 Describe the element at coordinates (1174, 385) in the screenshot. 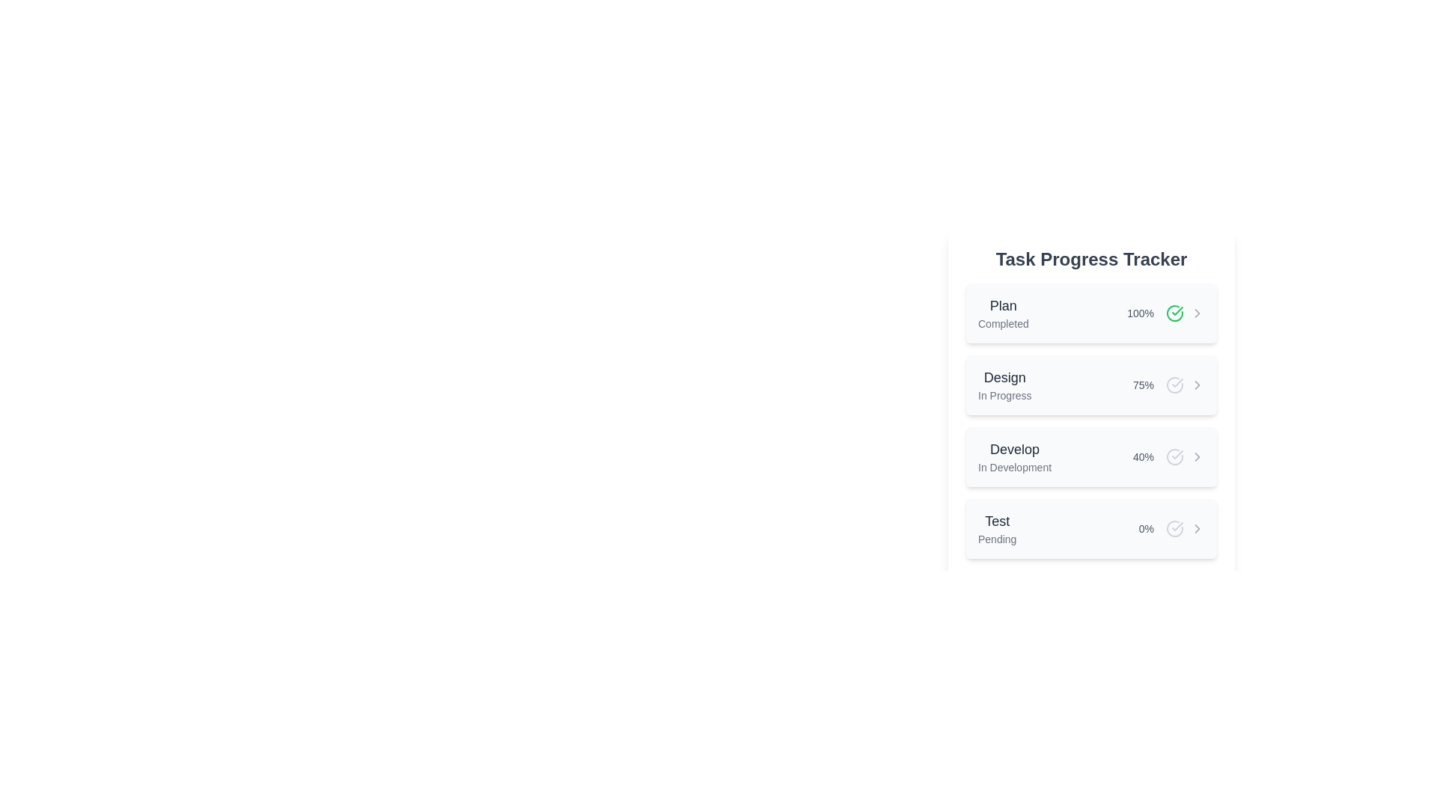

I see `the completion indicator icon located in the 'Design' section, positioned between the '75%' text label and a rightward-facing arrow icon, to mark progress` at that location.